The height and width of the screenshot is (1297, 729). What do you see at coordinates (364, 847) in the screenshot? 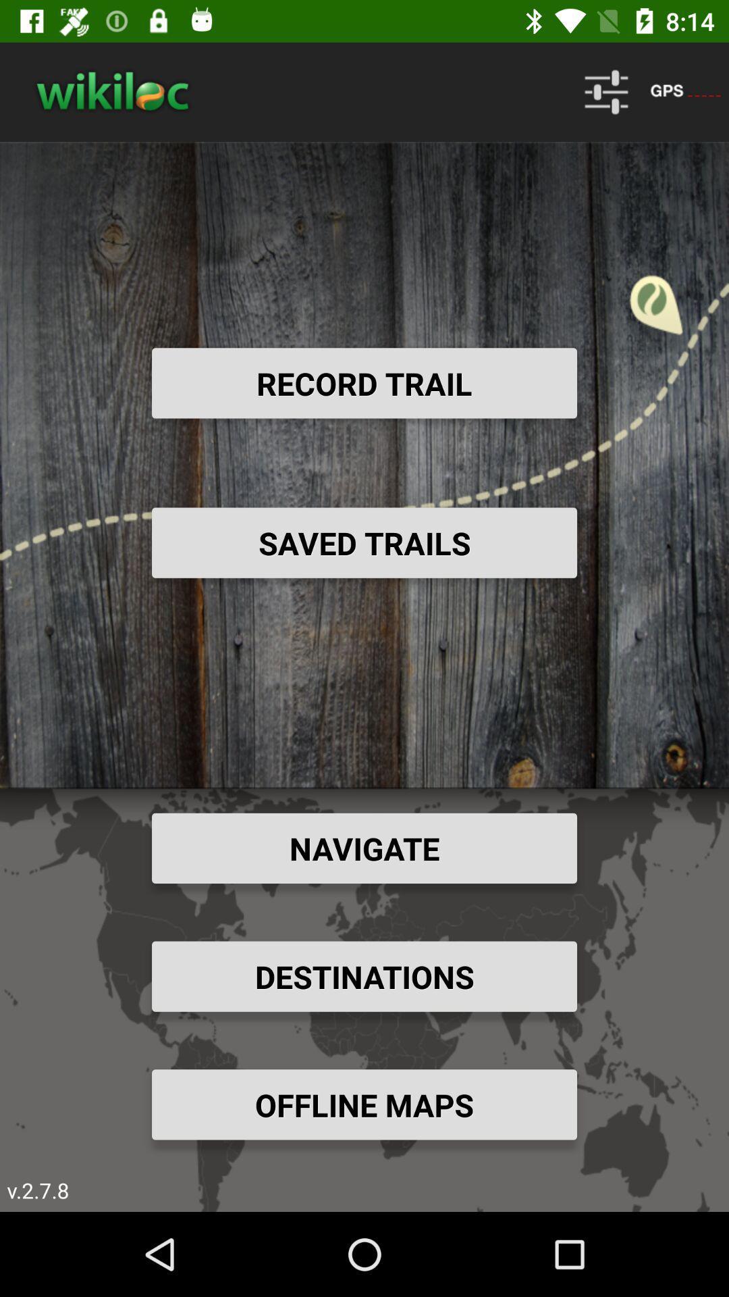
I see `icon above destinations` at bounding box center [364, 847].